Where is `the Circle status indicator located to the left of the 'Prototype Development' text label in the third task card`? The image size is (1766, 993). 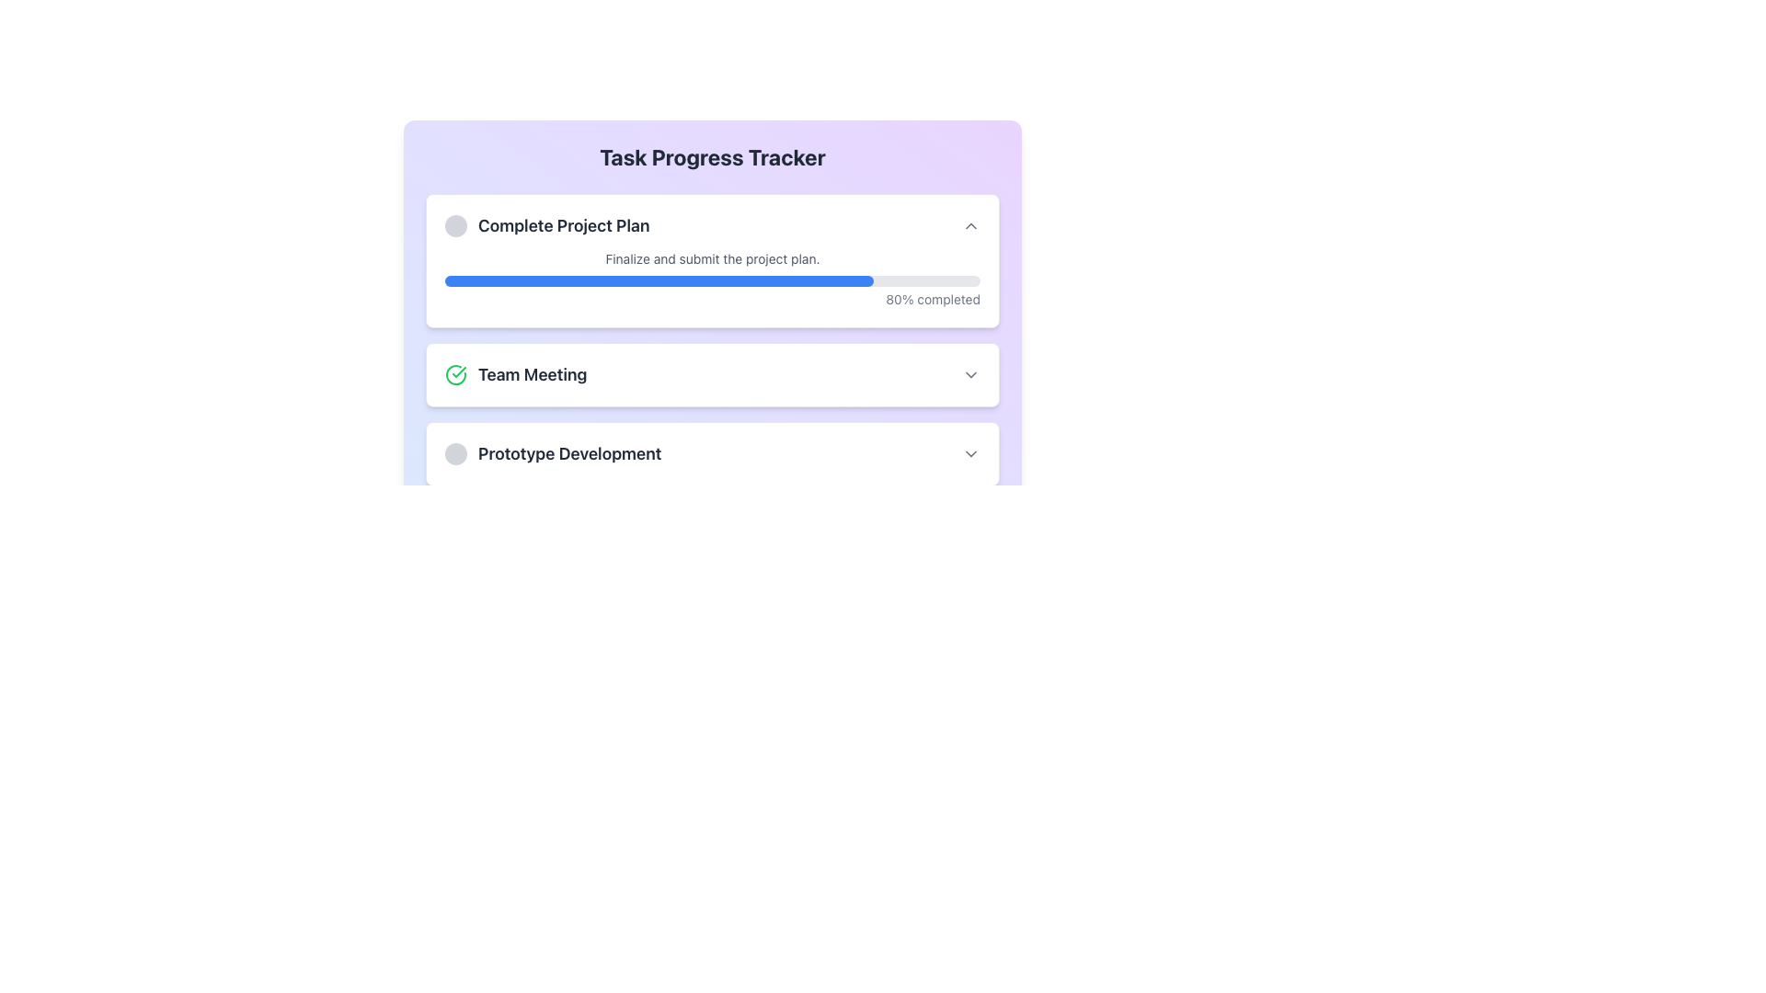
the Circle status indicator located to the left of the 'Prototype Development' text label in the third task card is located at coordinates (455, 453).